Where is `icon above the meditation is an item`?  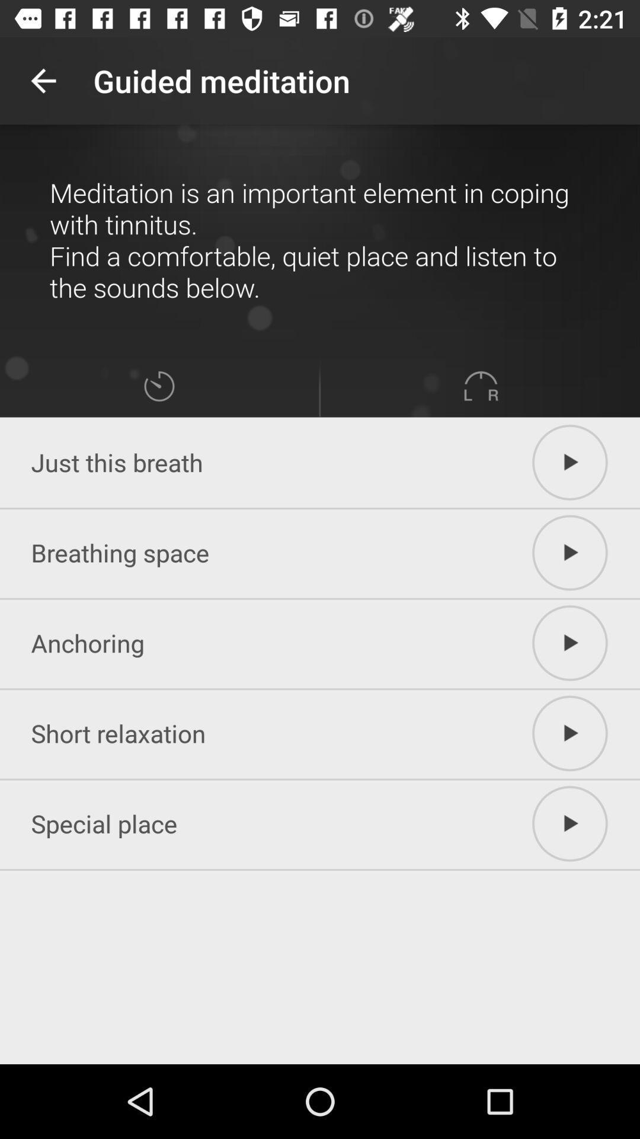 icon above the meditation is an item is located at coordinates (43, 80).